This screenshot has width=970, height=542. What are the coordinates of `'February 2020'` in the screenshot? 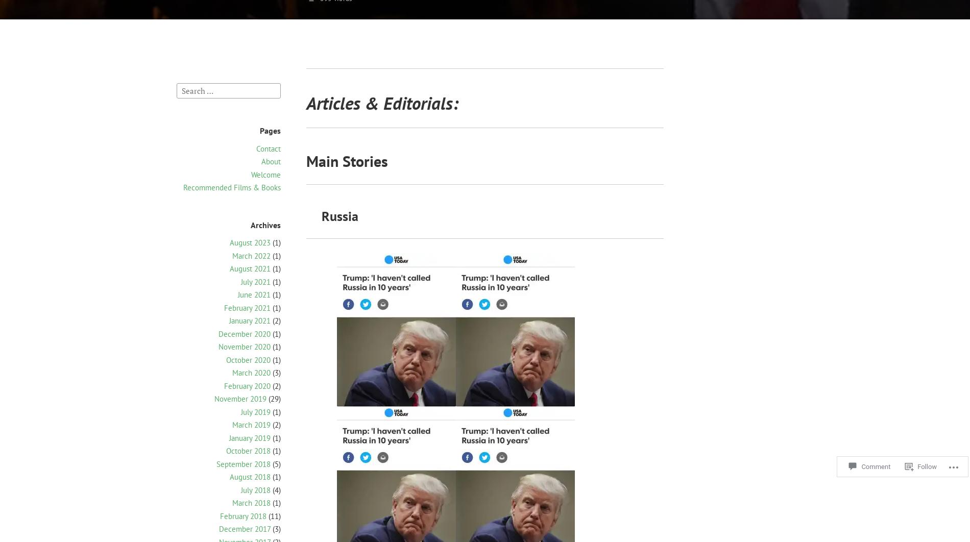 It's located at (247, 385).